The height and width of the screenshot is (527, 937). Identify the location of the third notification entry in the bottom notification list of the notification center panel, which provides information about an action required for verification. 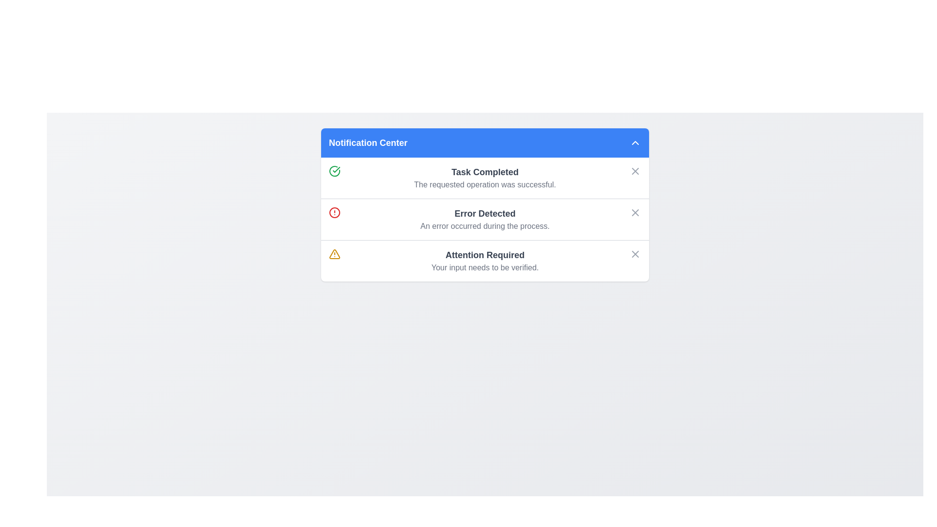
(485, 261).